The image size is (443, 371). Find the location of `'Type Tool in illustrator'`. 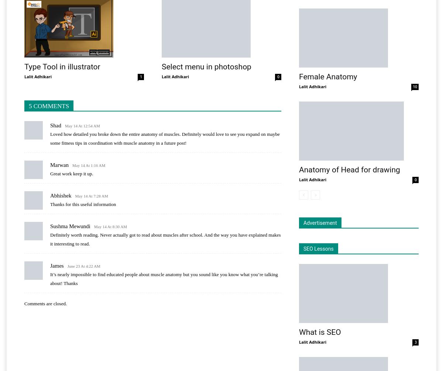

'Type Tool in illustrator' is located at coordinates (62, 66).